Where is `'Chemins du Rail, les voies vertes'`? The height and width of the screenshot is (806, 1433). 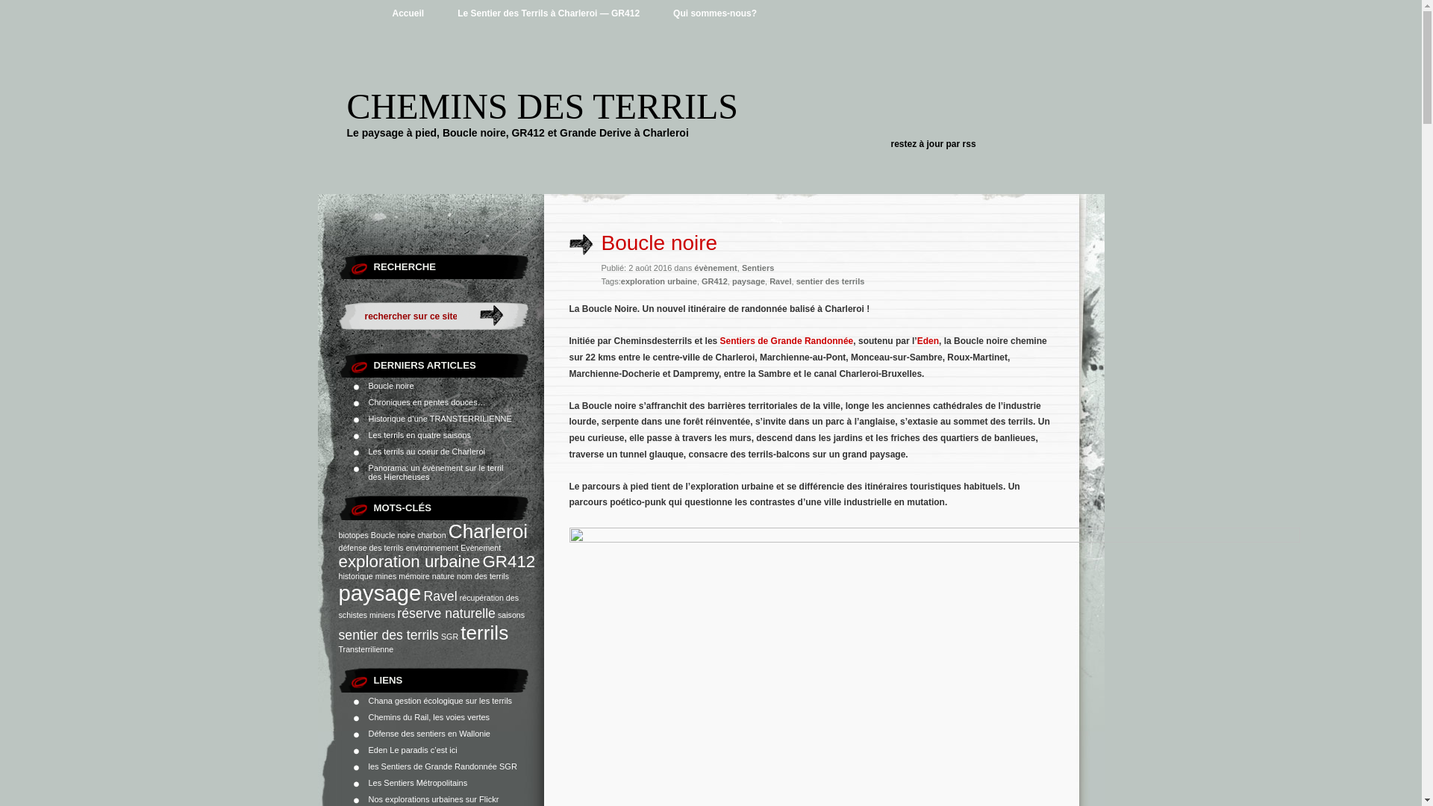
'Chemins du Rail, les voies vertes' is located at coordinates (428, 716).